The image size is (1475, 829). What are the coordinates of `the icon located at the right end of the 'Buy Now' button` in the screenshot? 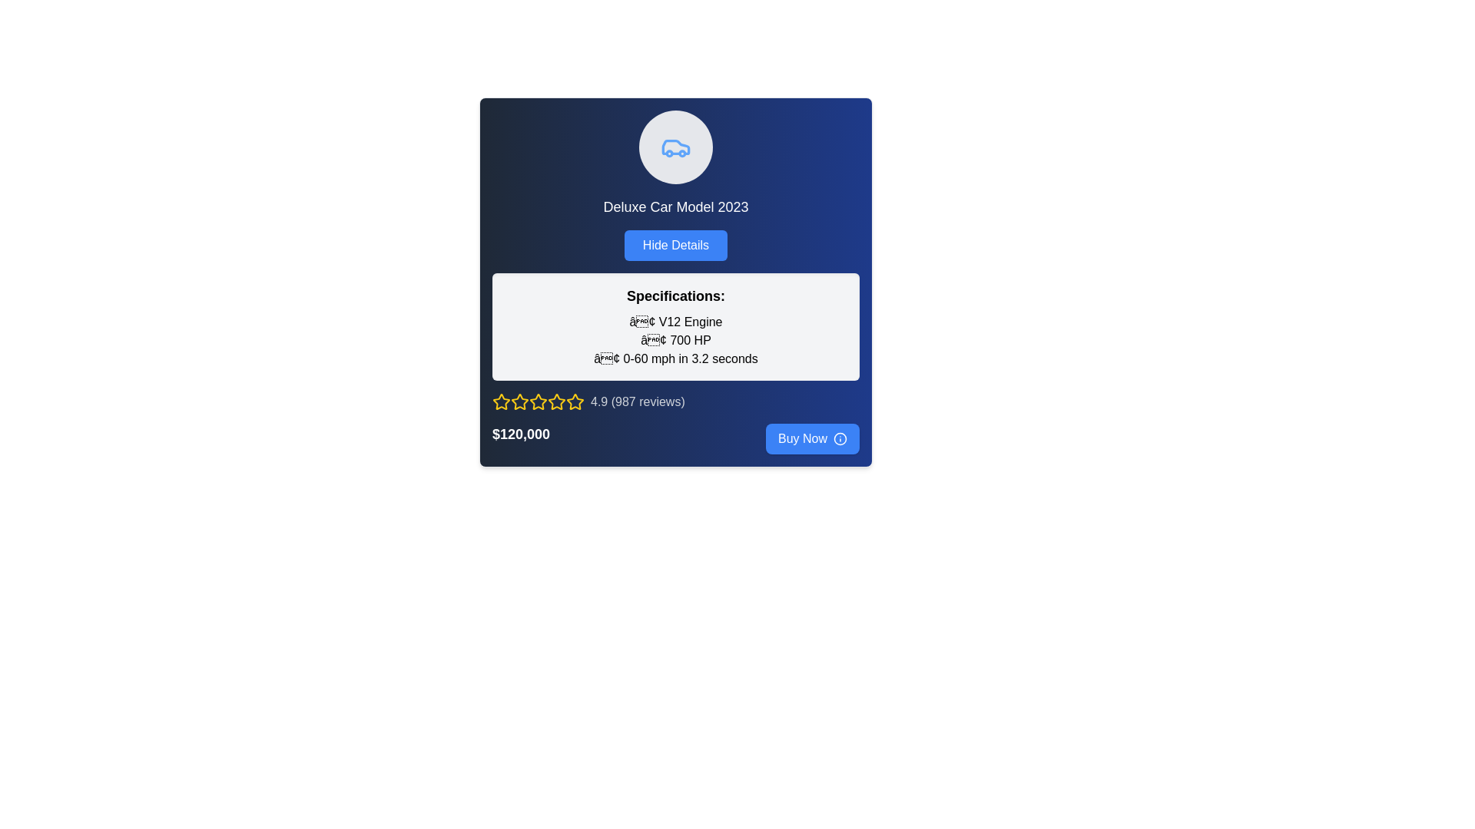 It's located at (840, 438).